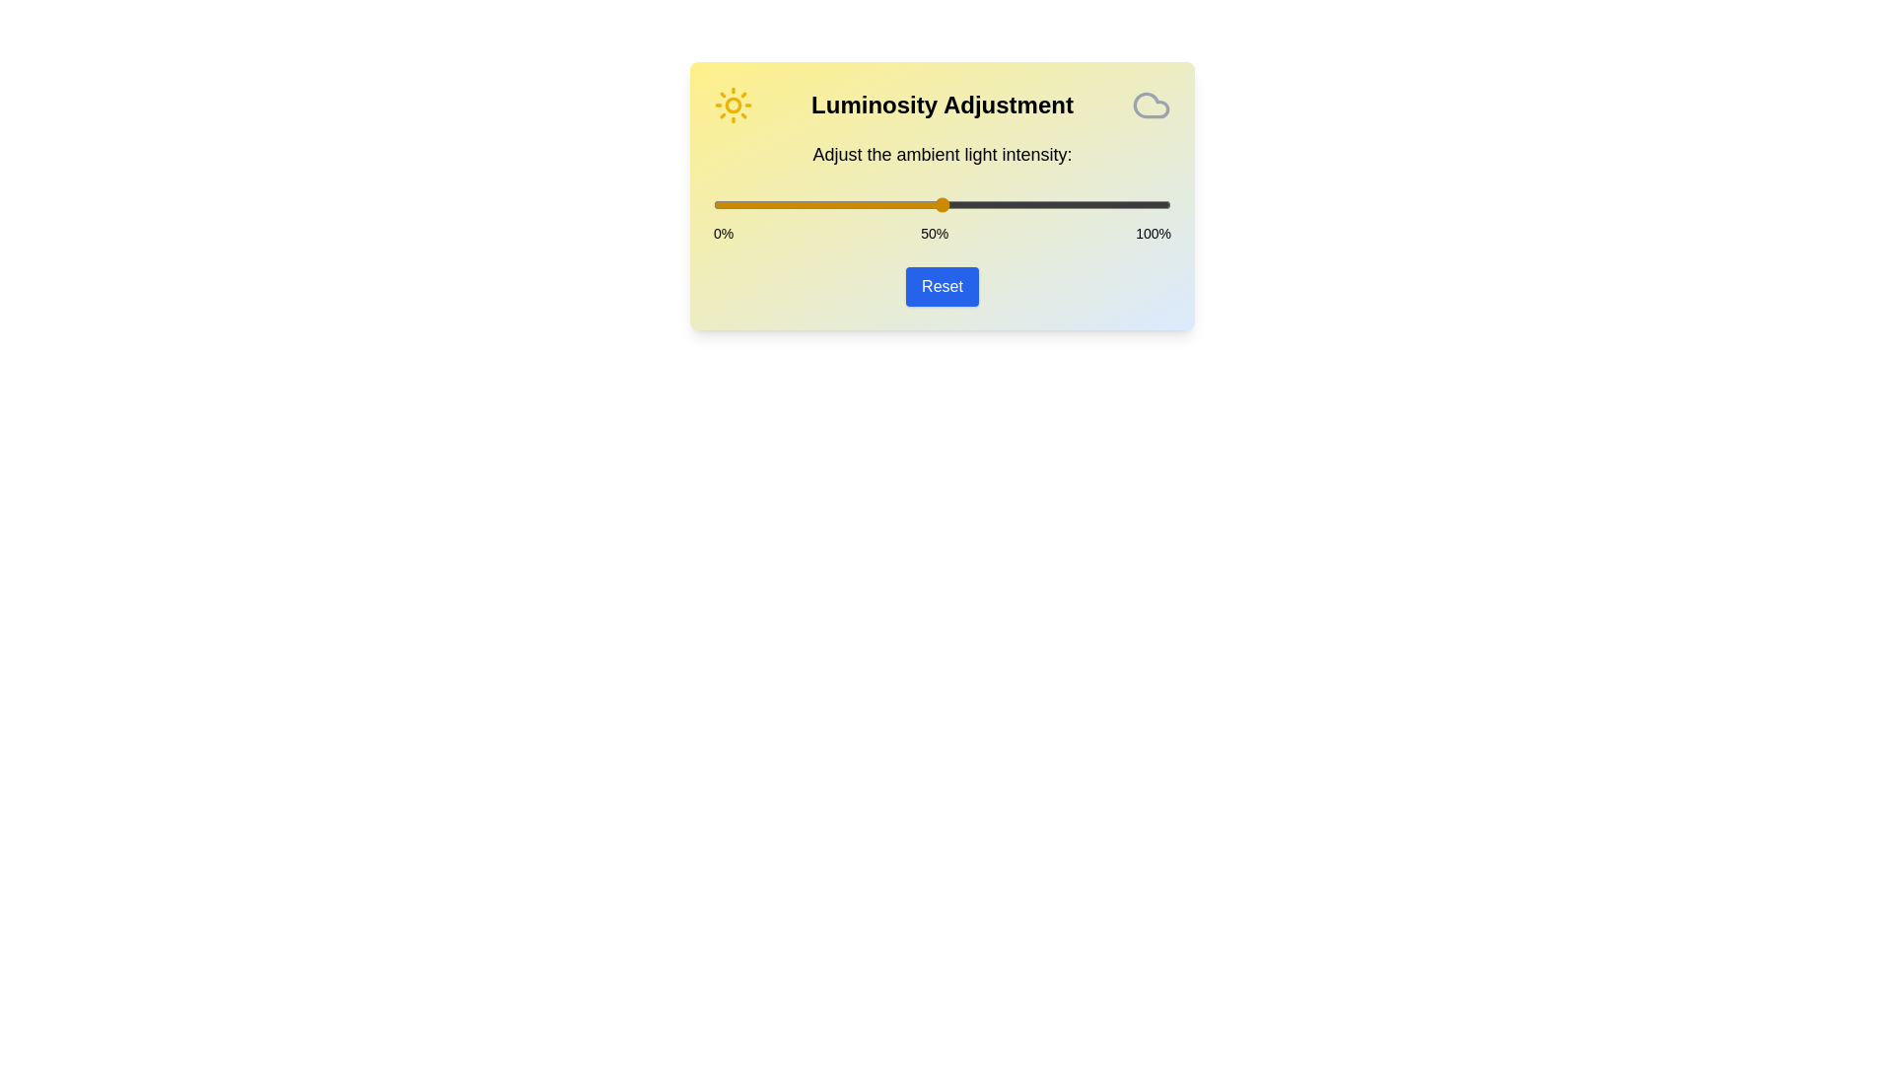 The height and width of the screenshot is (1065, 1893). Describe the element at coordinates (1148, 205) in the screenshot. I see `the light intensity to 95% by sliding the slider` at that location.